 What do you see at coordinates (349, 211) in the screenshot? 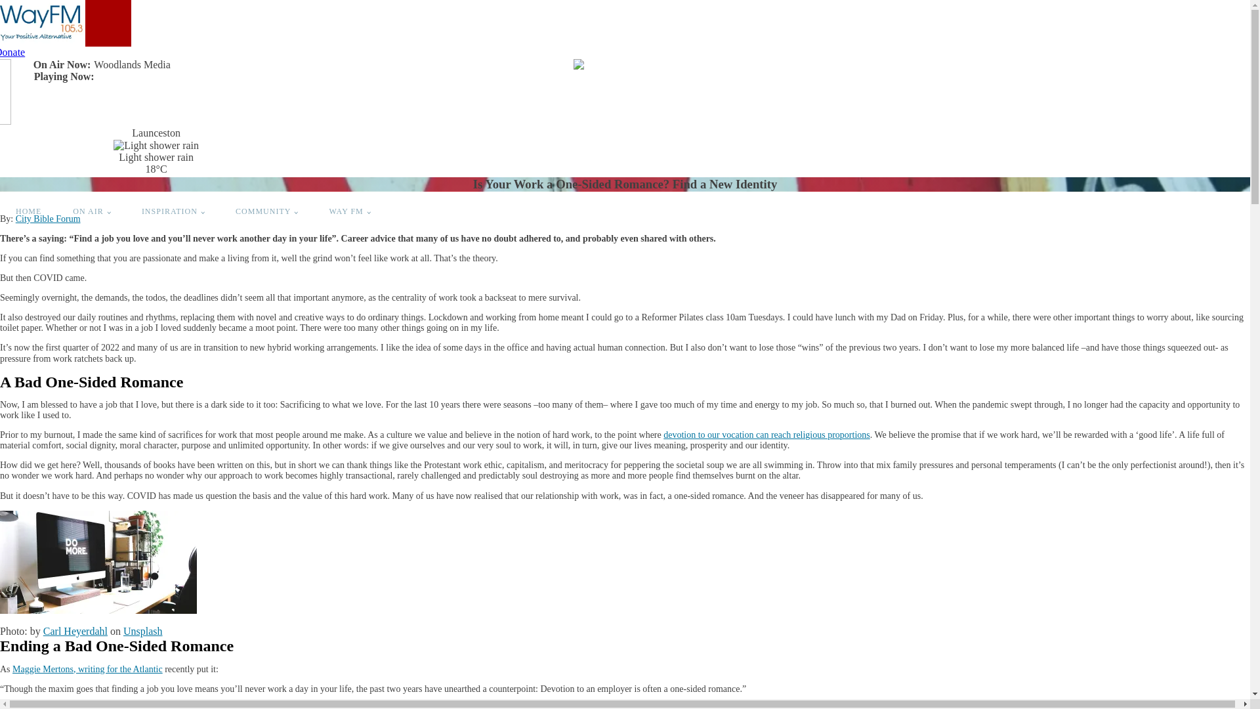
I see `'WAY FM'` at bounding box center [349, 211].